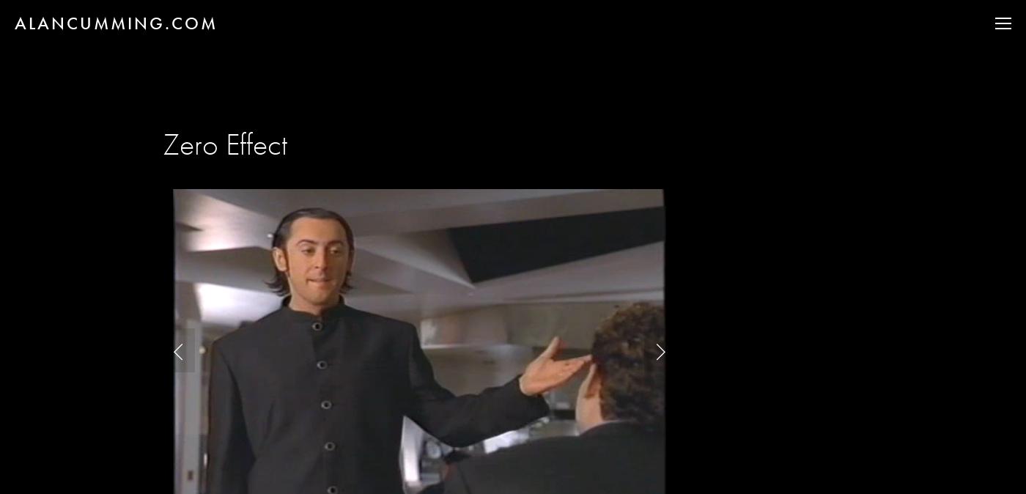 The height and width of the screenshot is (494, 1026). What do you see at coordinates (915, 172) in the screenshot?
I see `'WHAT I'VE WON'` at bounding box center [915, 172].